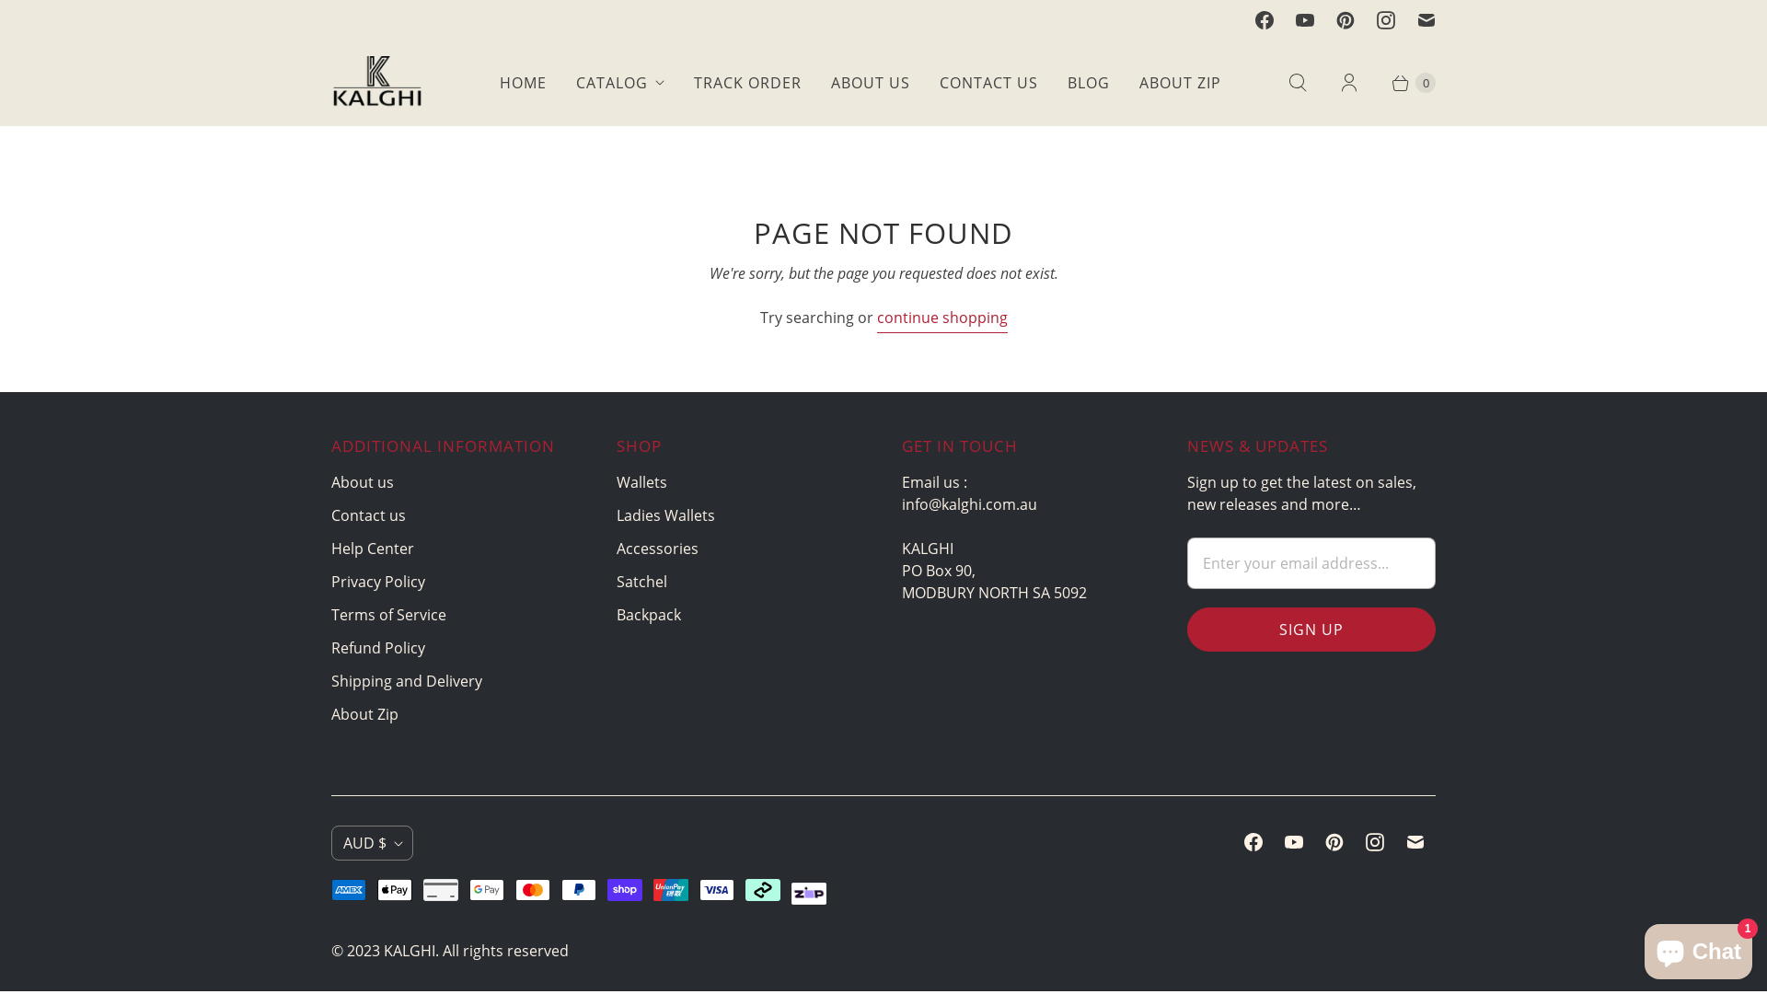  Describe the element at coordinates (1311, 628) in the screenshot. I see `'Sign Up'` at that location.